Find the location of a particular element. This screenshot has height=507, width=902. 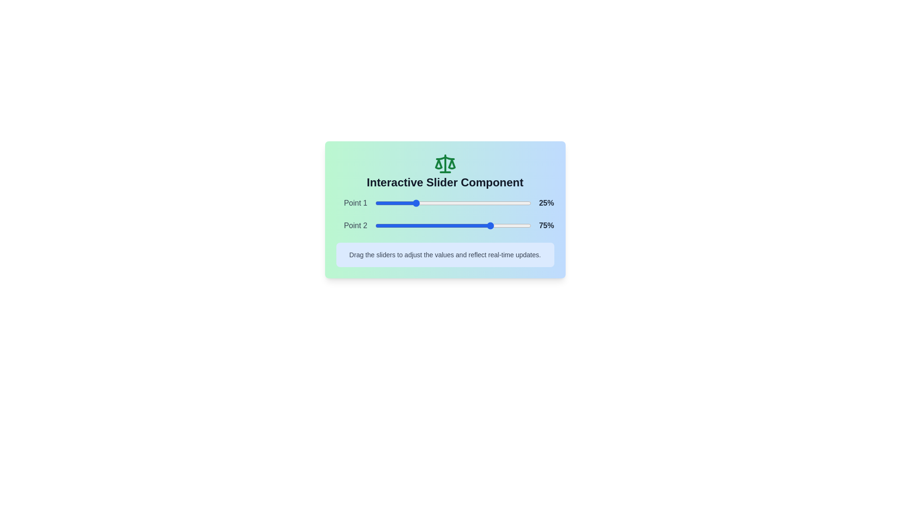

the slider to set its value to 53% is located at coordinates (458, 202).